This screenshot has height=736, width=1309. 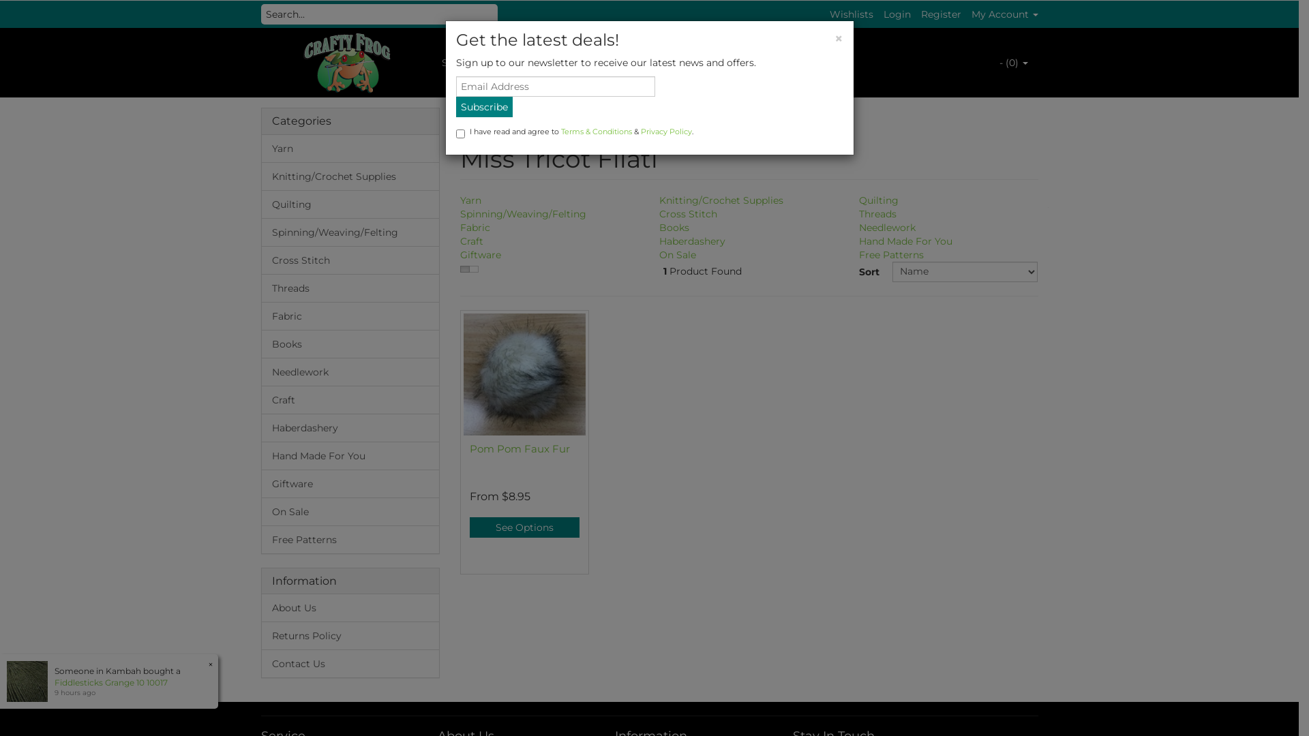 What do you see at coordinates (262, 662) in the screenshot?
I see `'Contact Us'` at bounding box center [262, 662].